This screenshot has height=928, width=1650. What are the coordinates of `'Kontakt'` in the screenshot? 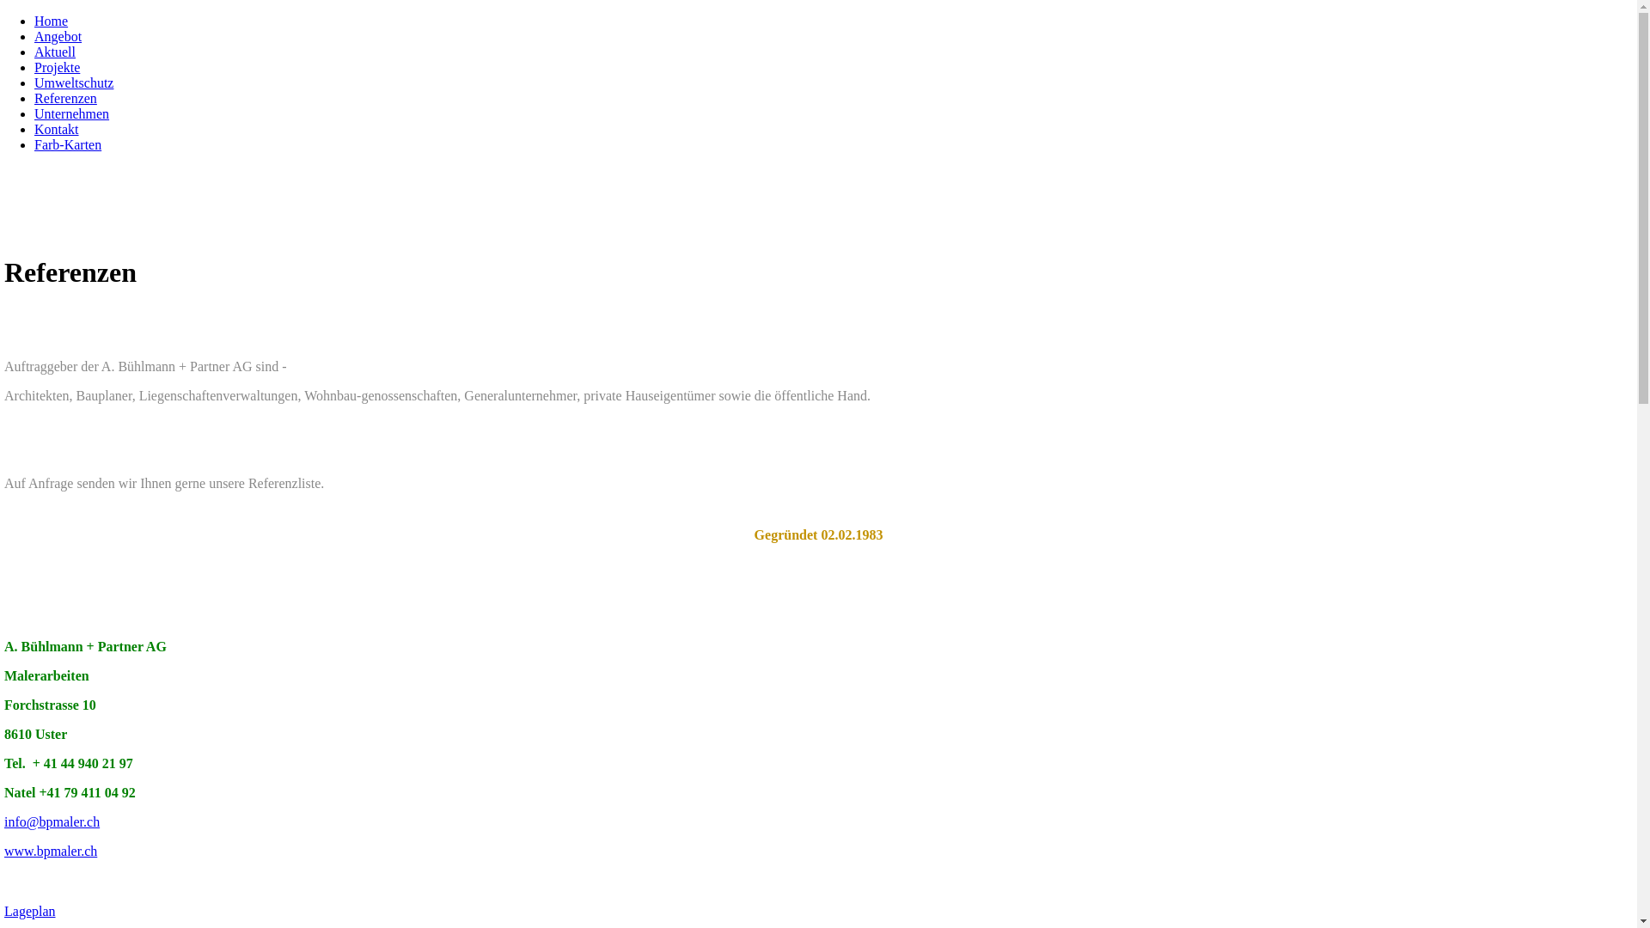 It's located at (57, 128).